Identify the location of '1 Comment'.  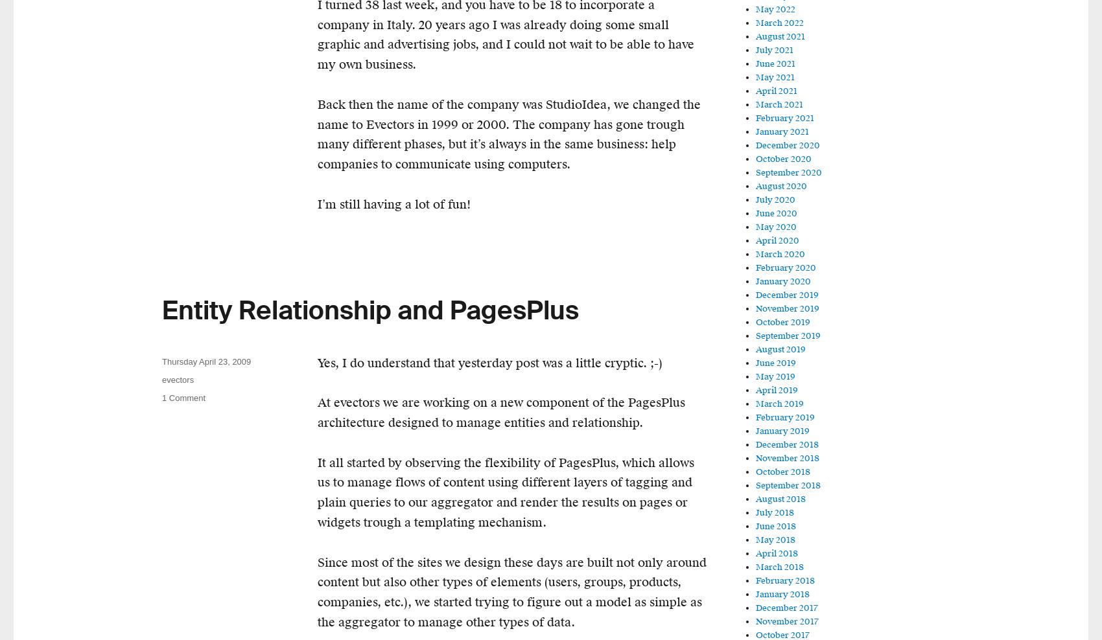
(183, 397).